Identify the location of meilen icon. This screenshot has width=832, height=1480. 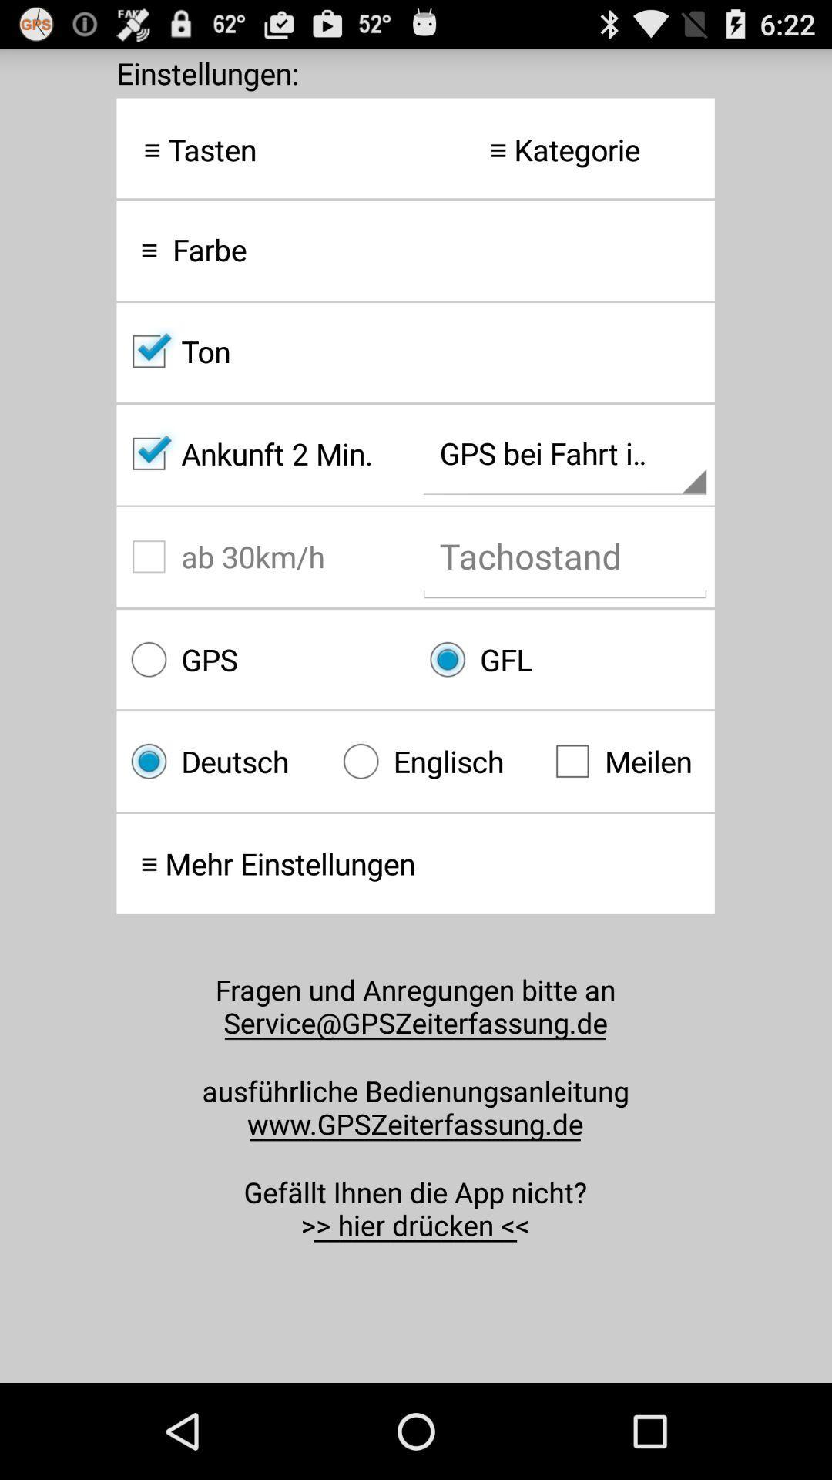
(627, 761).